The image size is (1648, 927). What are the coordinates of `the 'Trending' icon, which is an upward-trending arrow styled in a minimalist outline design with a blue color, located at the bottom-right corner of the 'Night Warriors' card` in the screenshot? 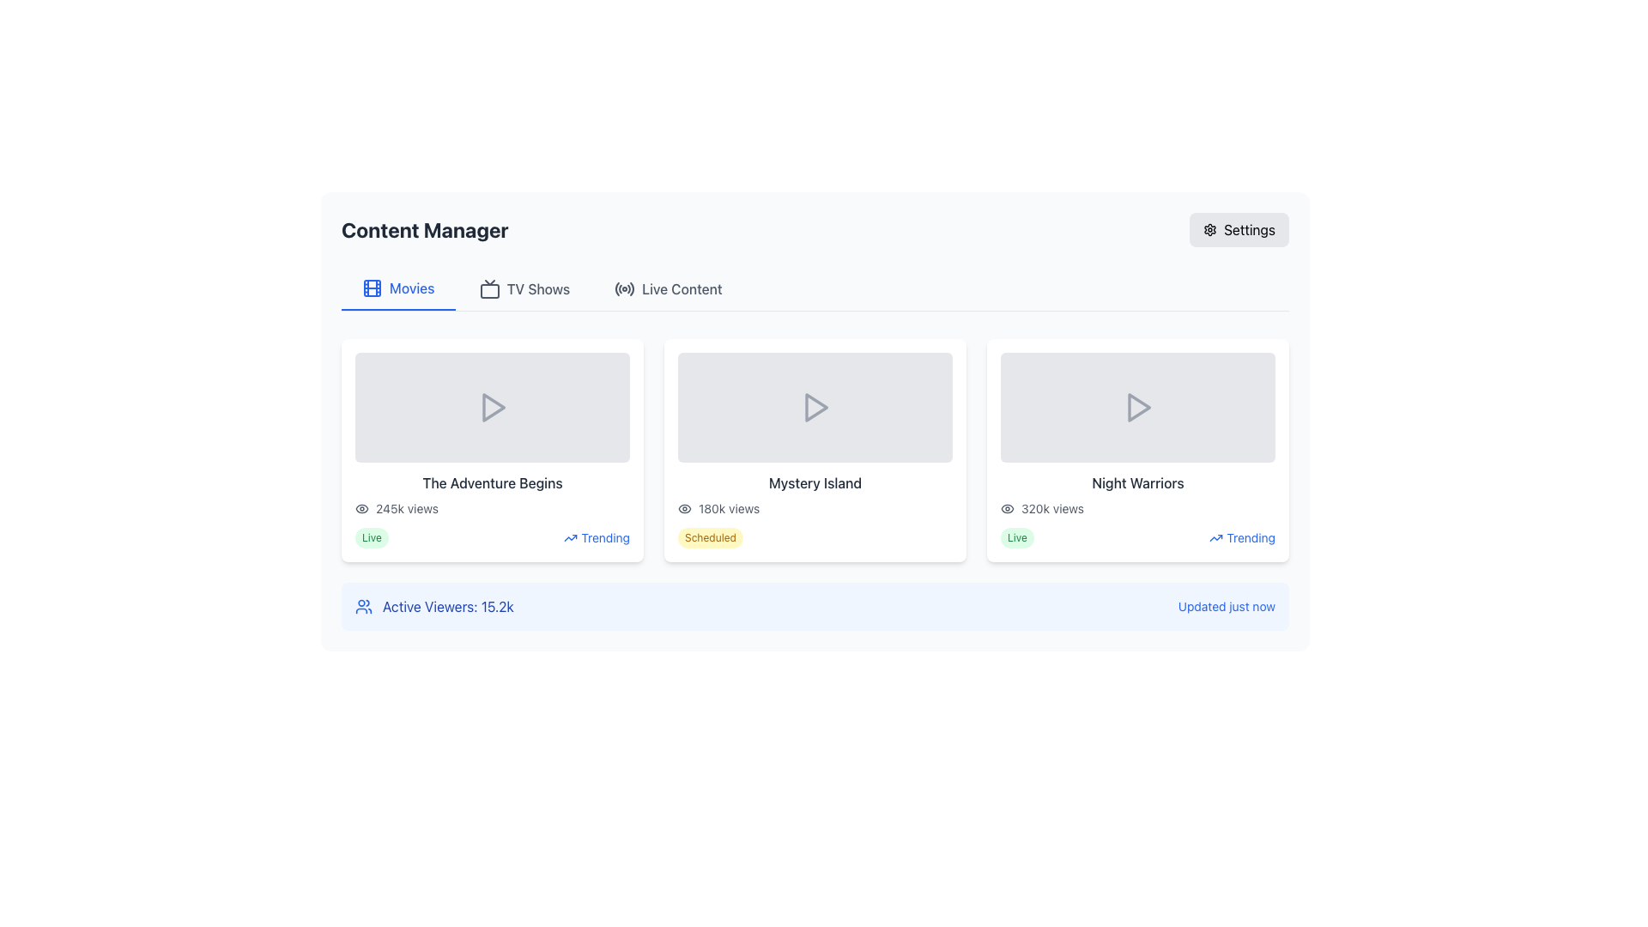 It's located at (1215, 537).